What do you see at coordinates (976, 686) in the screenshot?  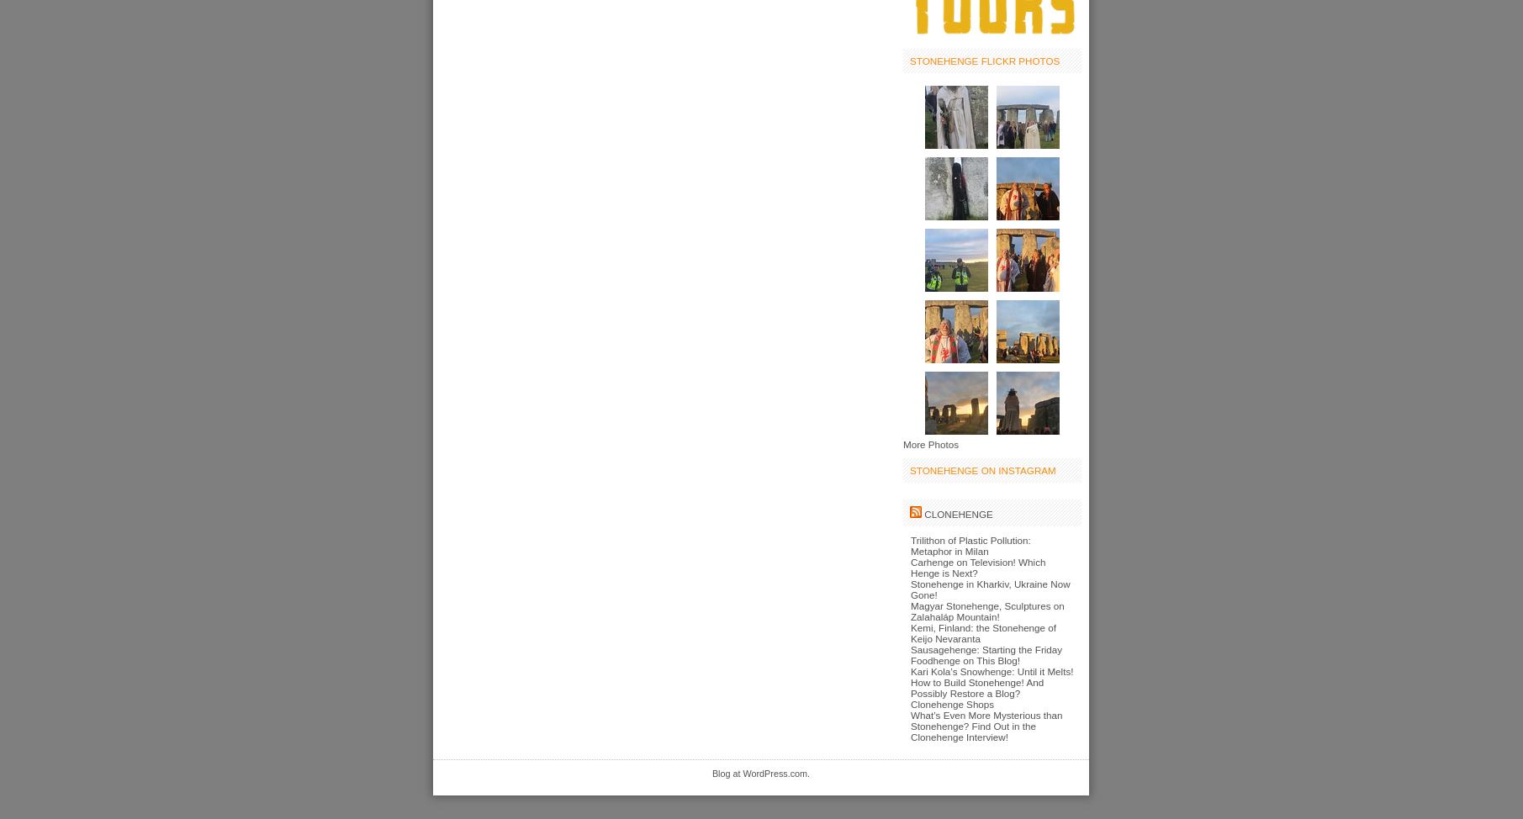 I see `'How to Build Stonehenge! And Possibly Restore a Blog?'` at bounding box center [976, 686].